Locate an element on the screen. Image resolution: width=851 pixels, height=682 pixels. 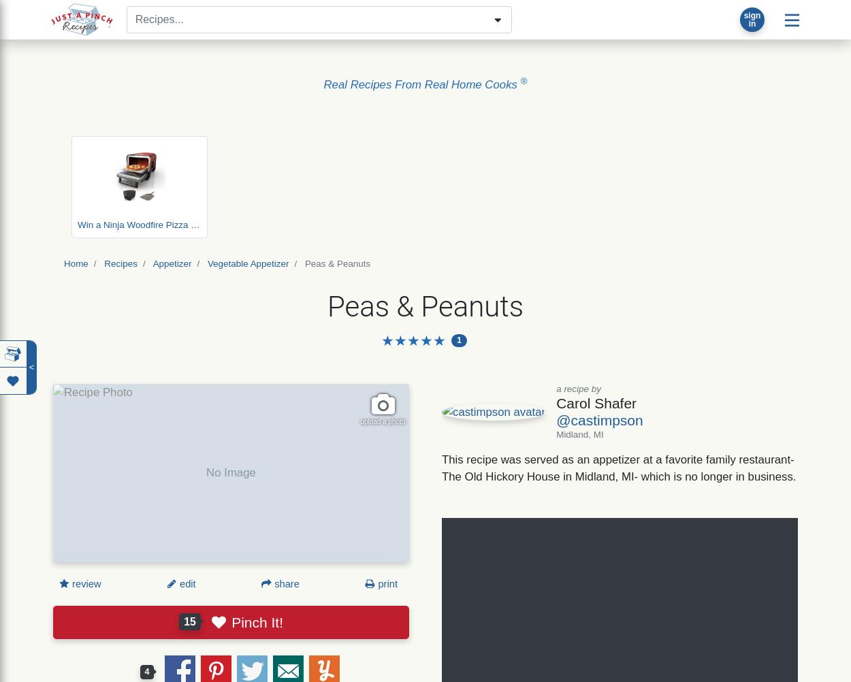
'Carol Shafer' is located at coordinates (596, 402).